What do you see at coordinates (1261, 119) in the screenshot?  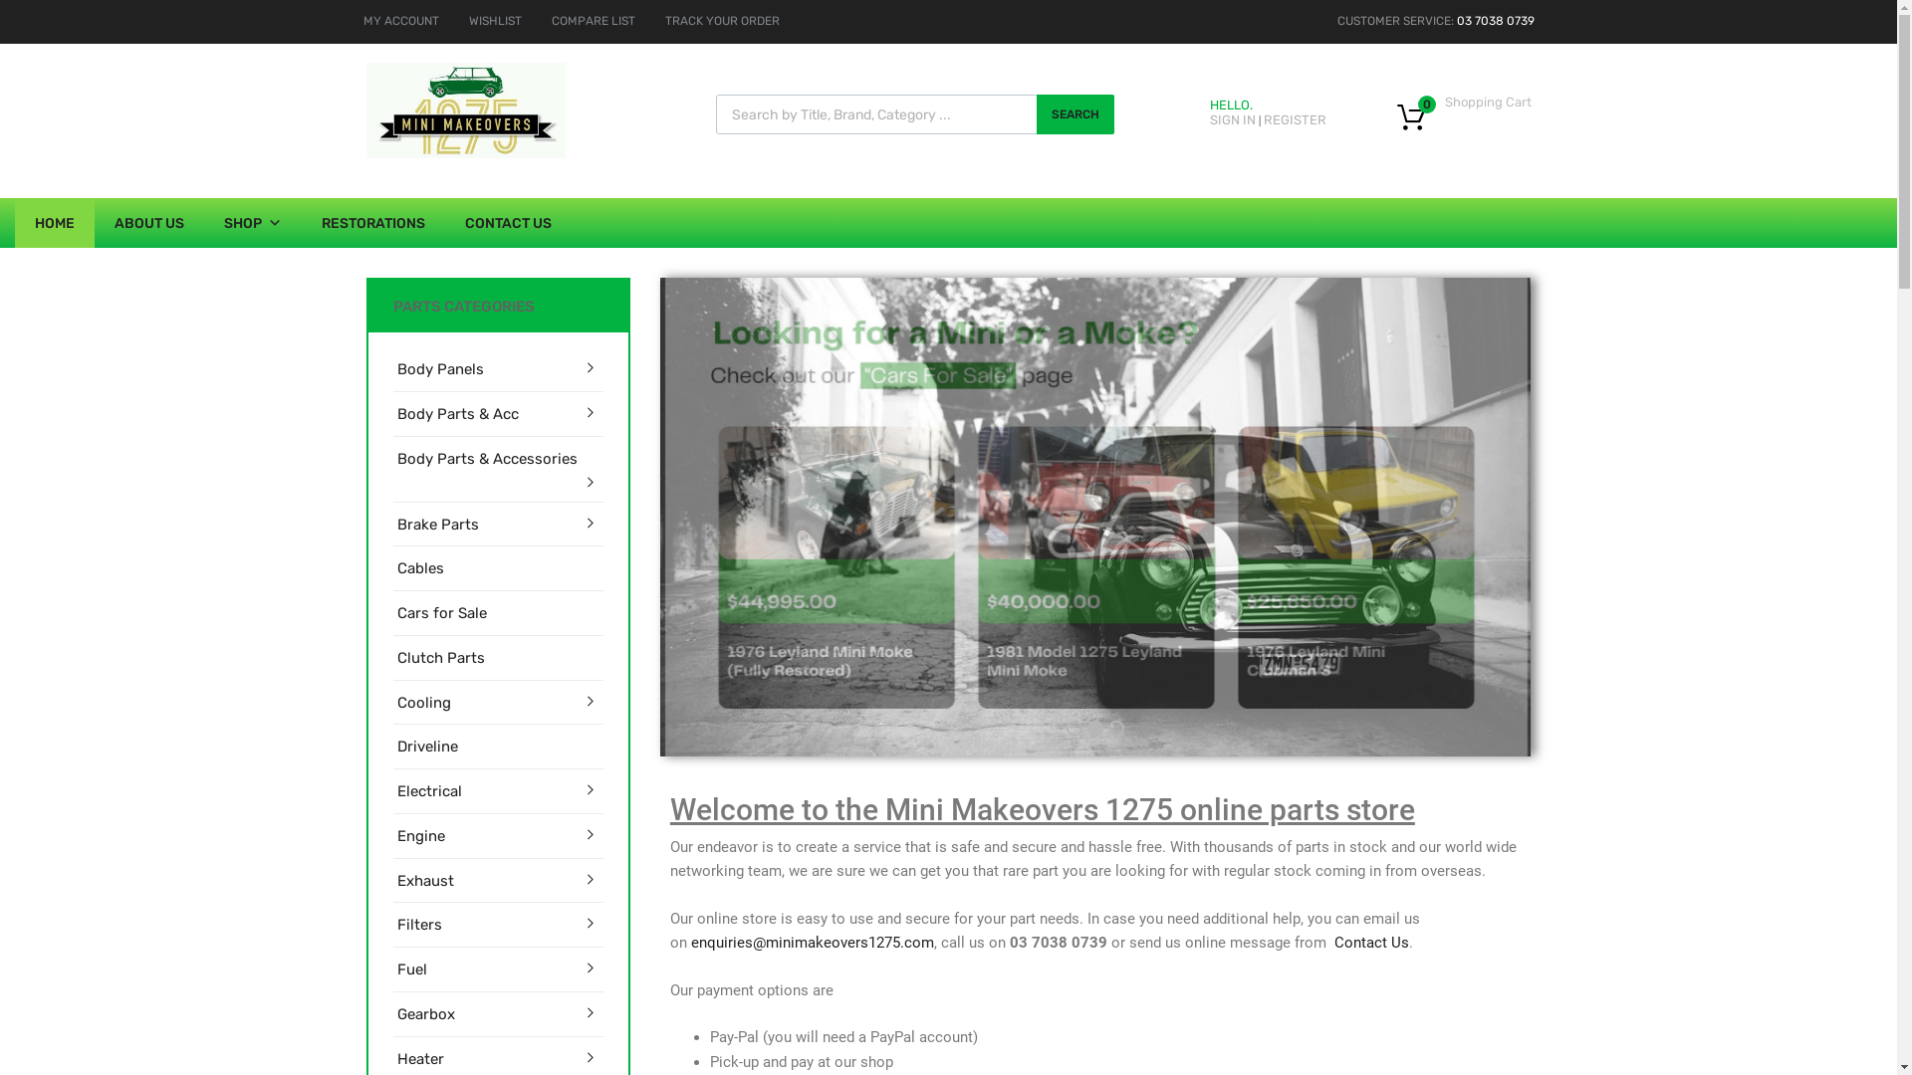 I see `'REGISTER'` at bounding box center [1261, 119].